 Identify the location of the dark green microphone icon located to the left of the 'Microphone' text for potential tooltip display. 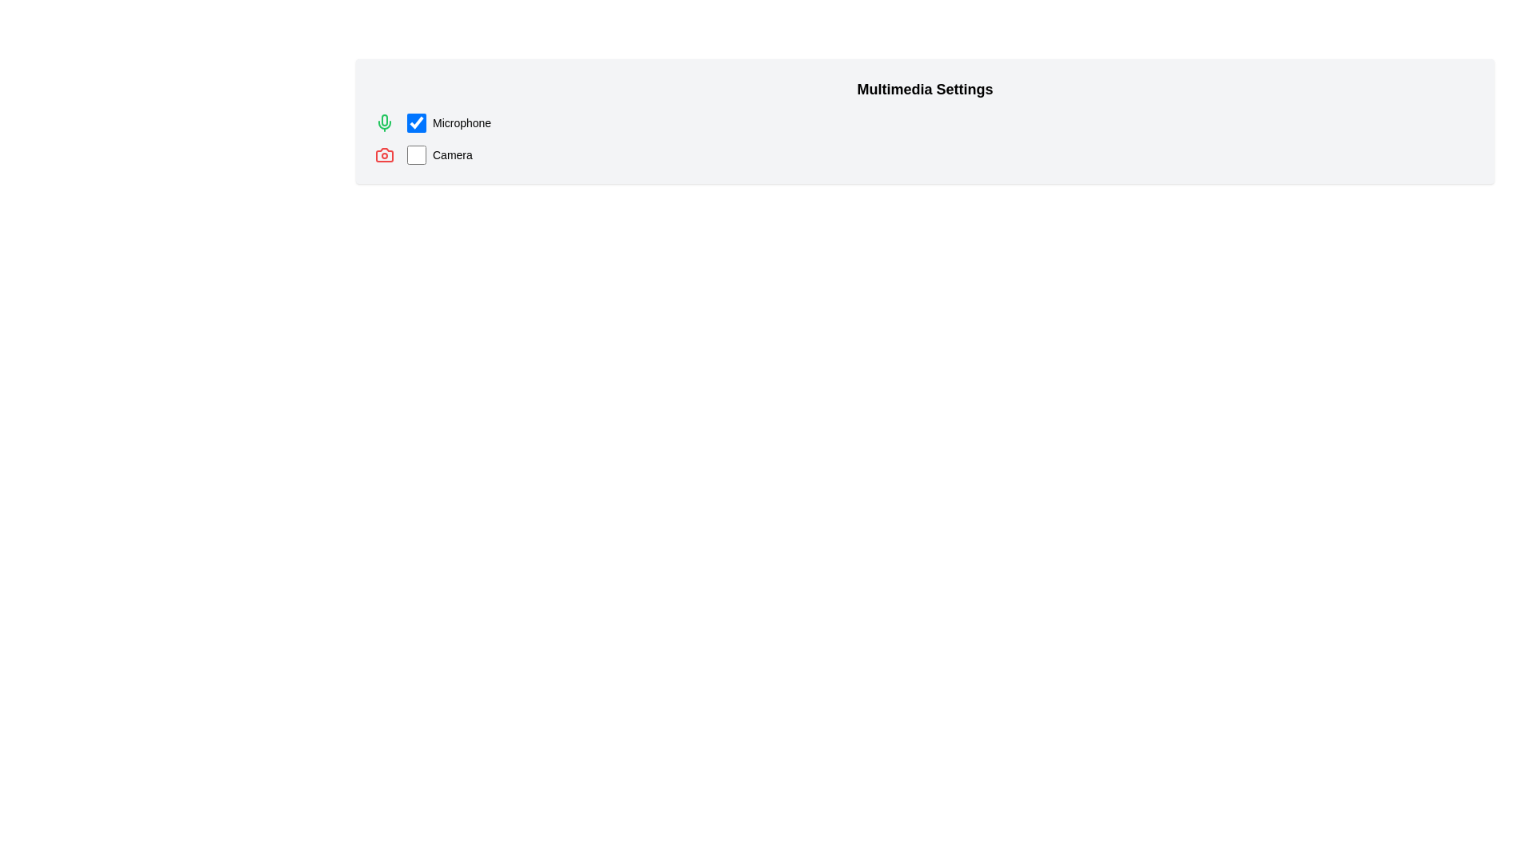
(384, 122).